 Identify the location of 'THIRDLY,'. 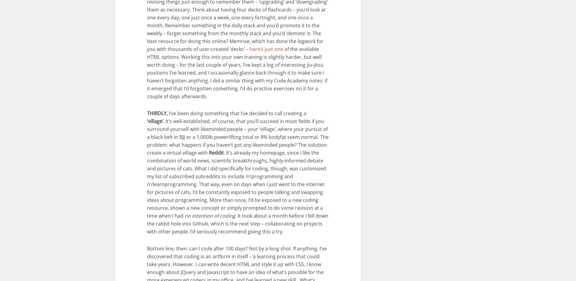
(157, 113).